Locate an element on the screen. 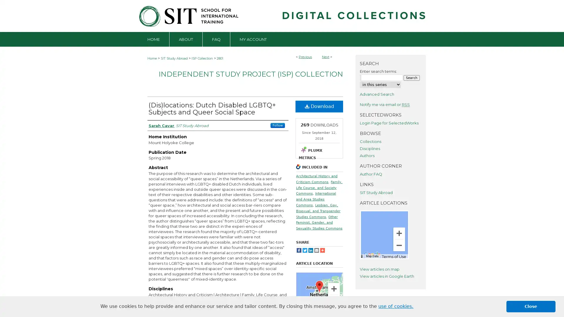 This screenshot has height=317, width=564. Zoom in is located at coordinates (399, 233).